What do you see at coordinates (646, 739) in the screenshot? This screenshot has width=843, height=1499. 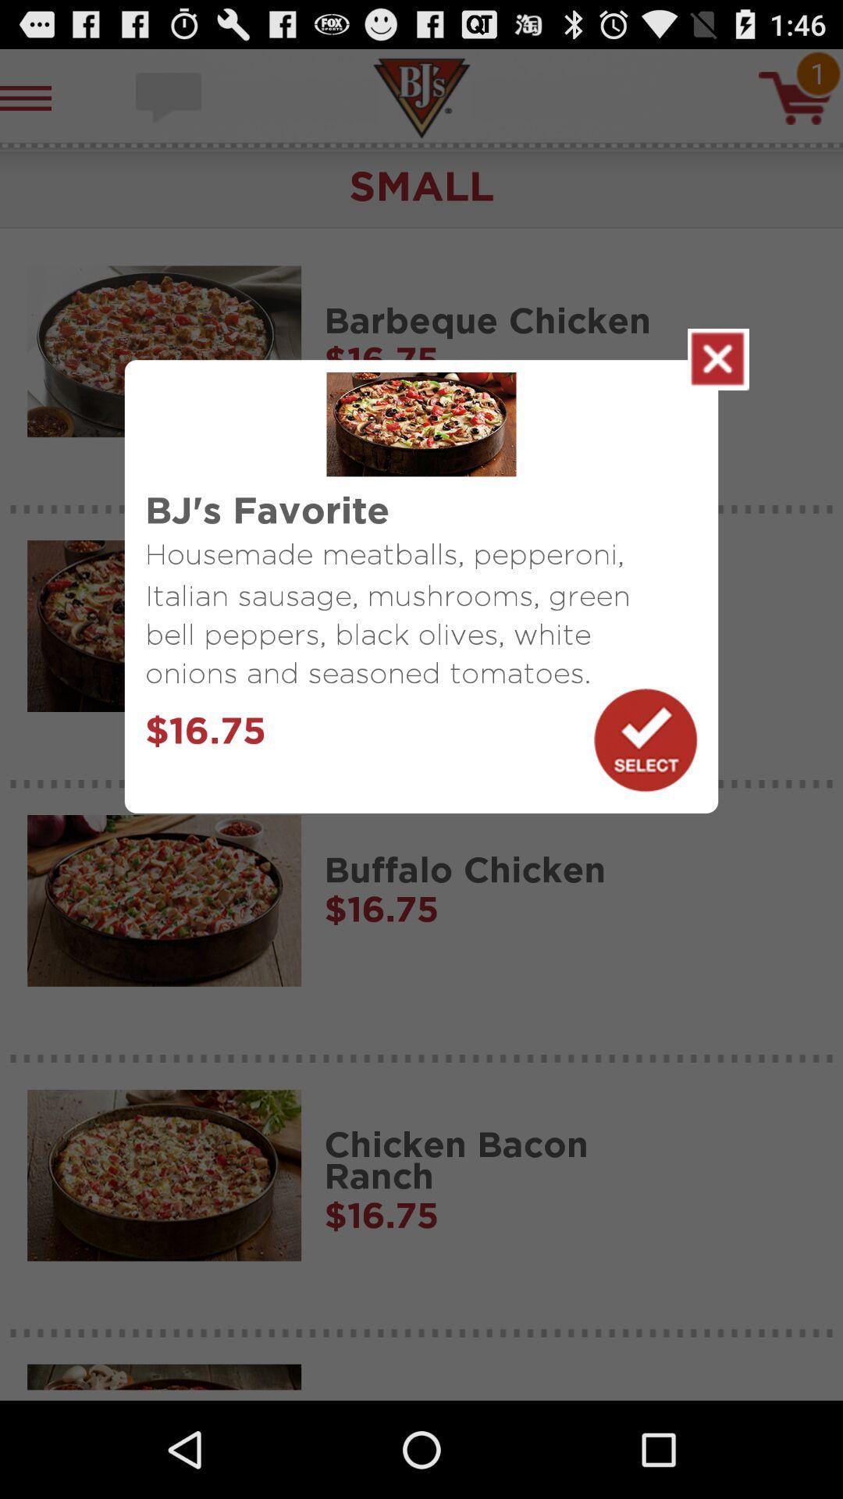 I see `button` at bounding box center [646, 739].